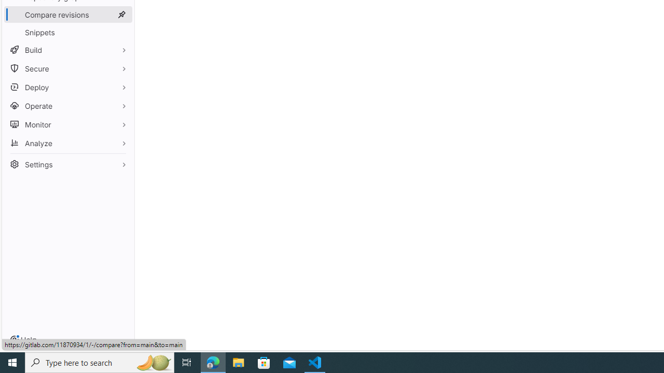 This screenshot has height=373, width=664. Describe the element at coordinates (121, 32) in the screenshot. I see `'Pin Snippets'` at that location.